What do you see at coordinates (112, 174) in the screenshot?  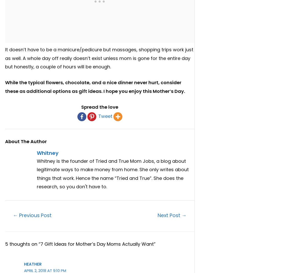 I see `'Whitney is the founder of Tried and True Mom Jobs, a blog about legitimate ways to make money from home. She only writes about things that work. Hence the name “Tried and True”. She does the research, so you don't have to.'` at bounding box center [112, 174].